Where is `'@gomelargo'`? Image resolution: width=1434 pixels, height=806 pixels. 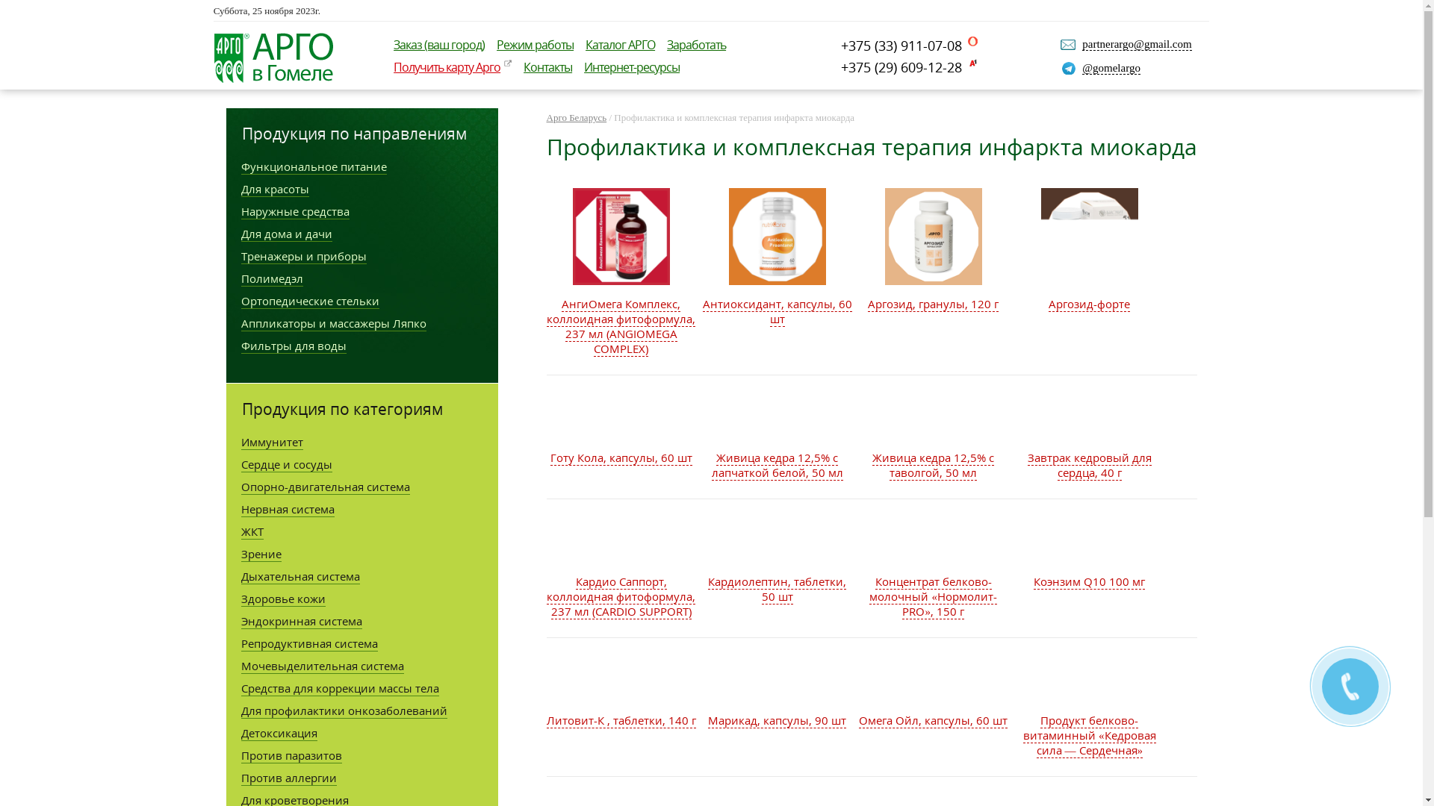 '@gomelargo' is located at coordinates (1111, 68).